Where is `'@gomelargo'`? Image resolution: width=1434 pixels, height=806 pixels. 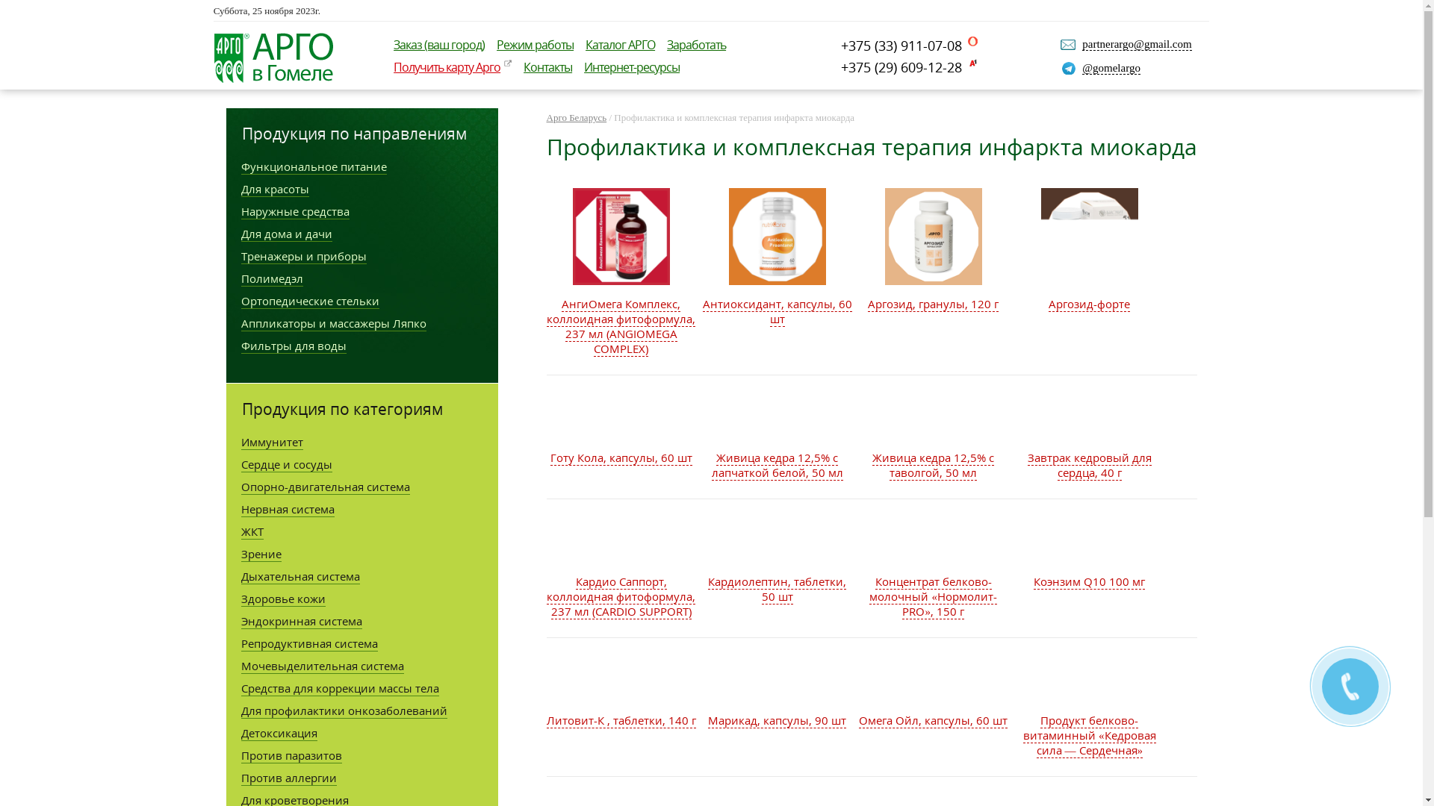 '@gomelargo' is located at coordinates (1111, 68).